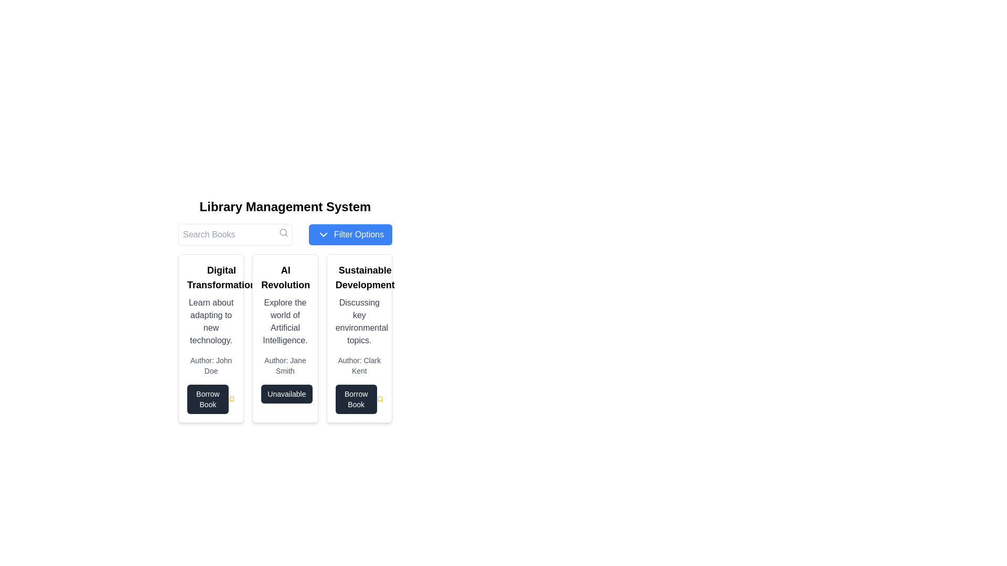 This screenshot has width=1007, height=566. What do you see at coordinates (286, 394) in the screenshot?
I see `the rectangular button with rounded corners displaying 'Unavailable' located at the bottom of the 'AI Revolution' section card` at bounding box center [286, 394].